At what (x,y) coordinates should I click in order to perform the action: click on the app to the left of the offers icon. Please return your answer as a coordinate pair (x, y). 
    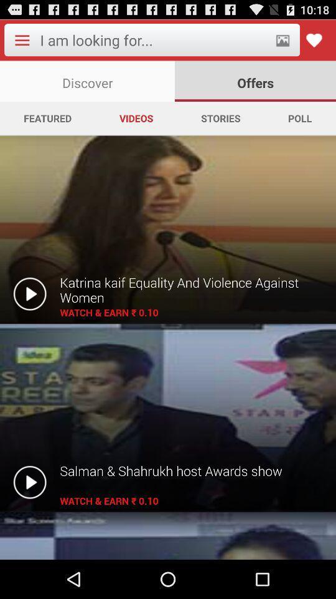
    Looking at the image, I should click on (86, 80).